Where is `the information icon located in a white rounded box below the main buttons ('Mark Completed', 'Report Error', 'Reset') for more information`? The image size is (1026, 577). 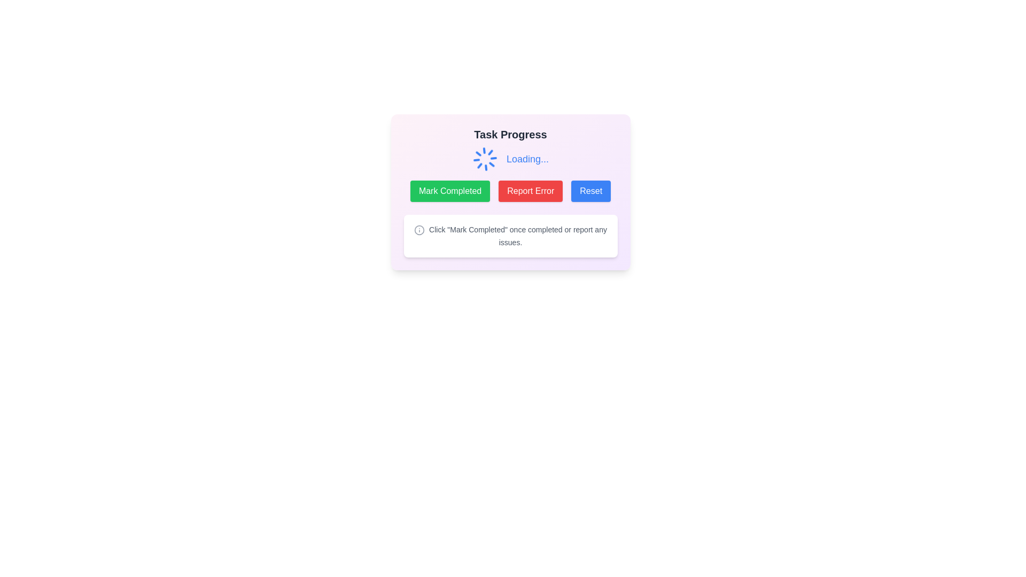 the information icon located in a white rounded box below the main buttons ('Mark Completed', 'Report Error', 'Reset') for more information is located at coordinates (419, 229).